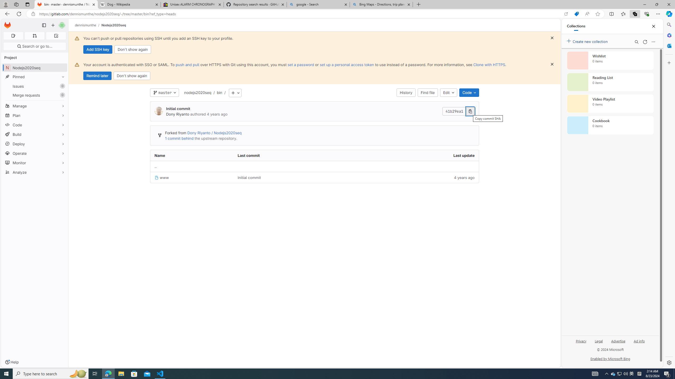 The image size is (675, 379). I want to click on 'Plan', so click(34, 115).